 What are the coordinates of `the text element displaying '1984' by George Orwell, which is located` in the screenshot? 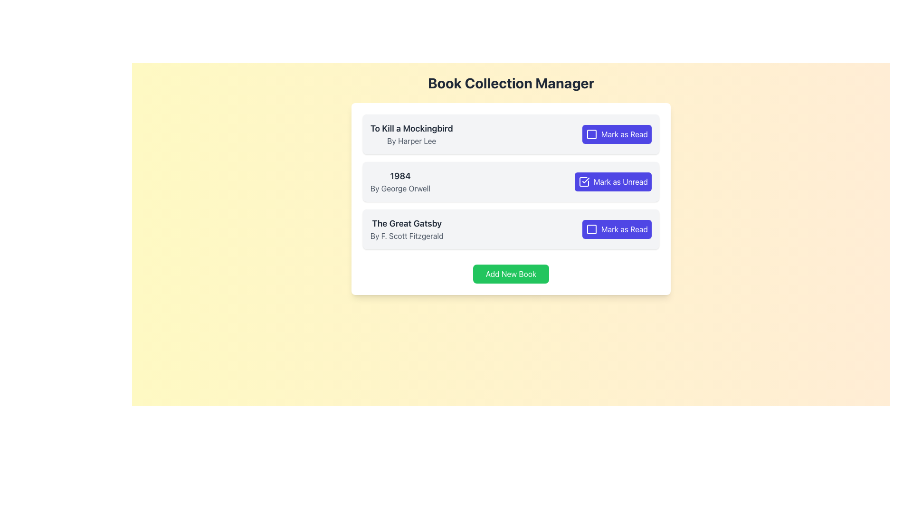 It's located at (400, 181).